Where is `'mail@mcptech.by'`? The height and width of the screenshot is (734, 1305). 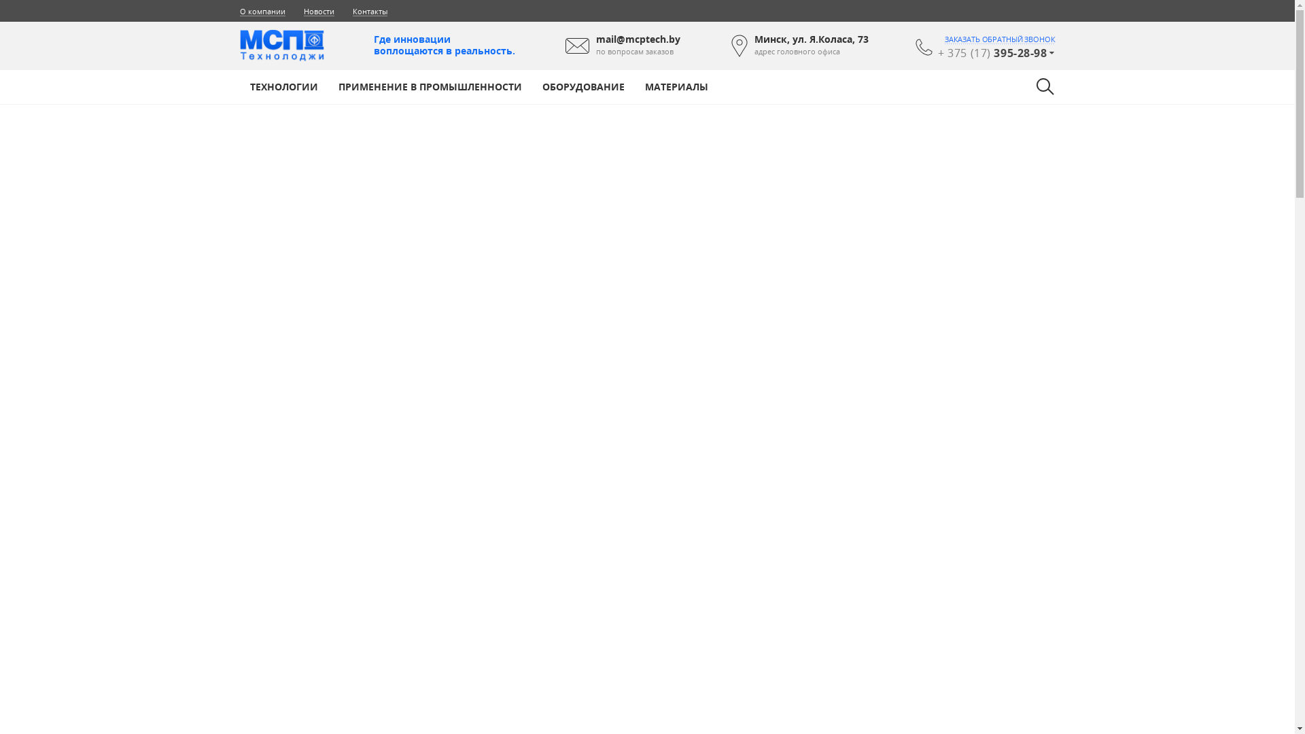
'mail@mcptech.by' is located at coordinates (638, 38).